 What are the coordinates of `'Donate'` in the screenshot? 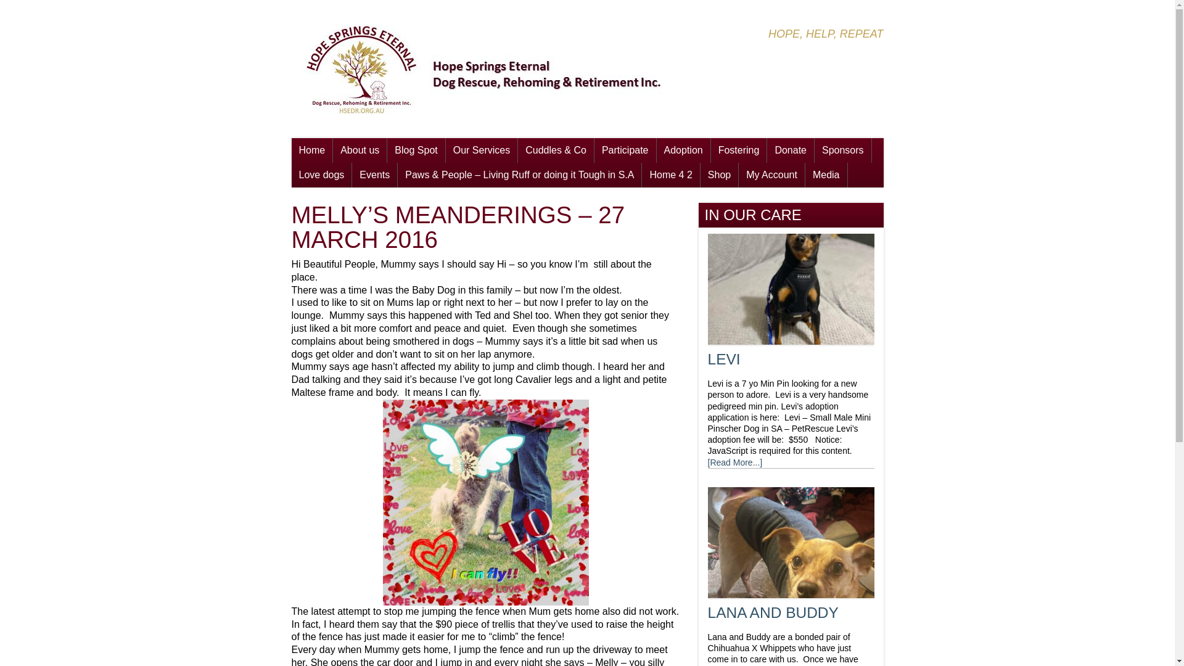 It's located at (790, 149).